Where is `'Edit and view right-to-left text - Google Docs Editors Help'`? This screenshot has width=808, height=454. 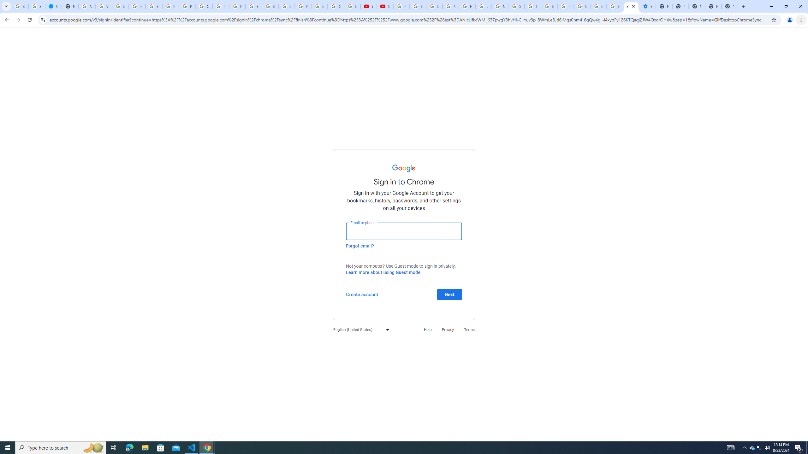
'Edit and view right-to-left text - Google Docs Editors Help' is located at coordinates (253, 6).